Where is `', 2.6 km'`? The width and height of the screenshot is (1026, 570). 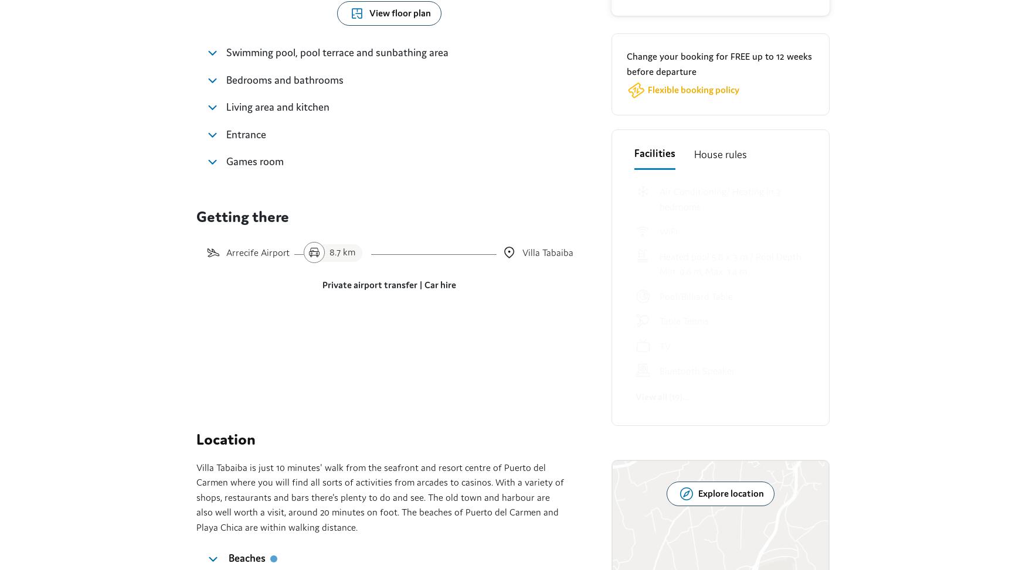
', 2.6 km' is located at coordinates (331, 181).